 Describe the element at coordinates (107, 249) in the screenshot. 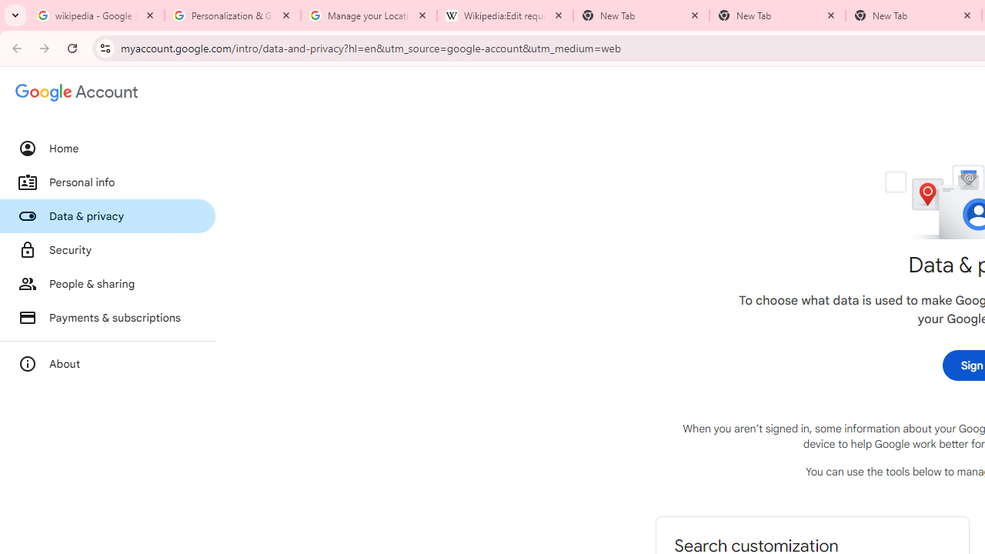

I see `'Security'` at that location.